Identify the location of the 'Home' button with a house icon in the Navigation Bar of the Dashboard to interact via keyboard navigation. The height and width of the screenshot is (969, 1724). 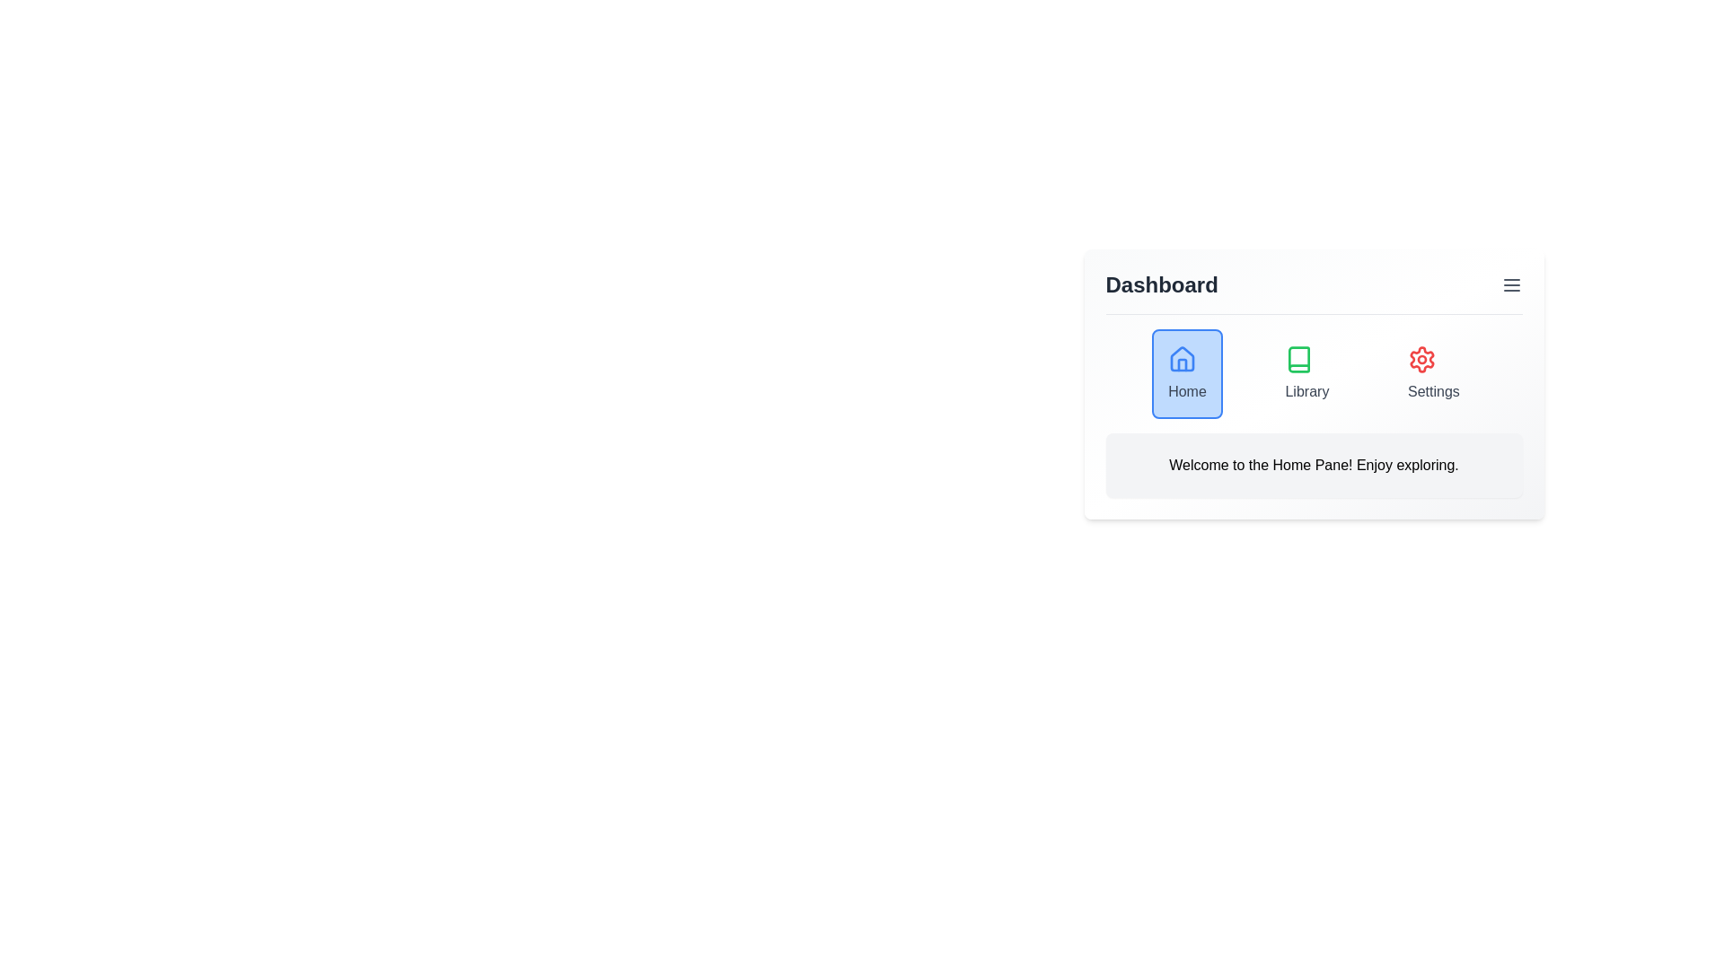
(1187, 372).